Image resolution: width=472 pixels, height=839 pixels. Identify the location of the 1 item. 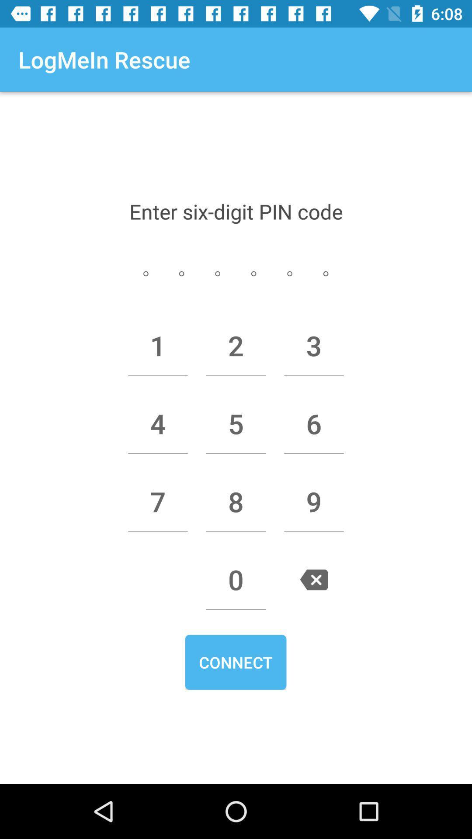
(158, 345).